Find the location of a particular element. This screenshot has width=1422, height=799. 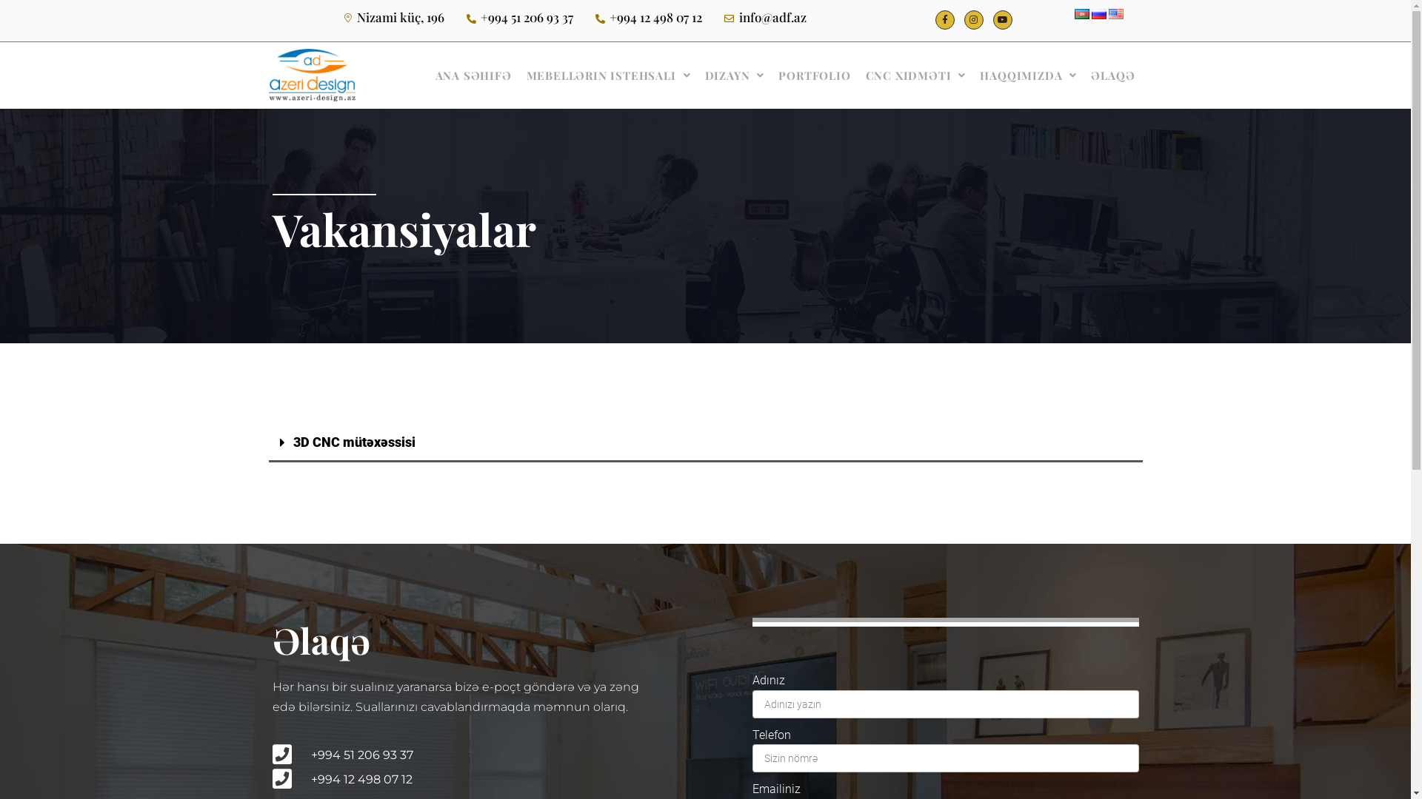

'HAQQIMIZDA' is located at coordinates (972, 75).